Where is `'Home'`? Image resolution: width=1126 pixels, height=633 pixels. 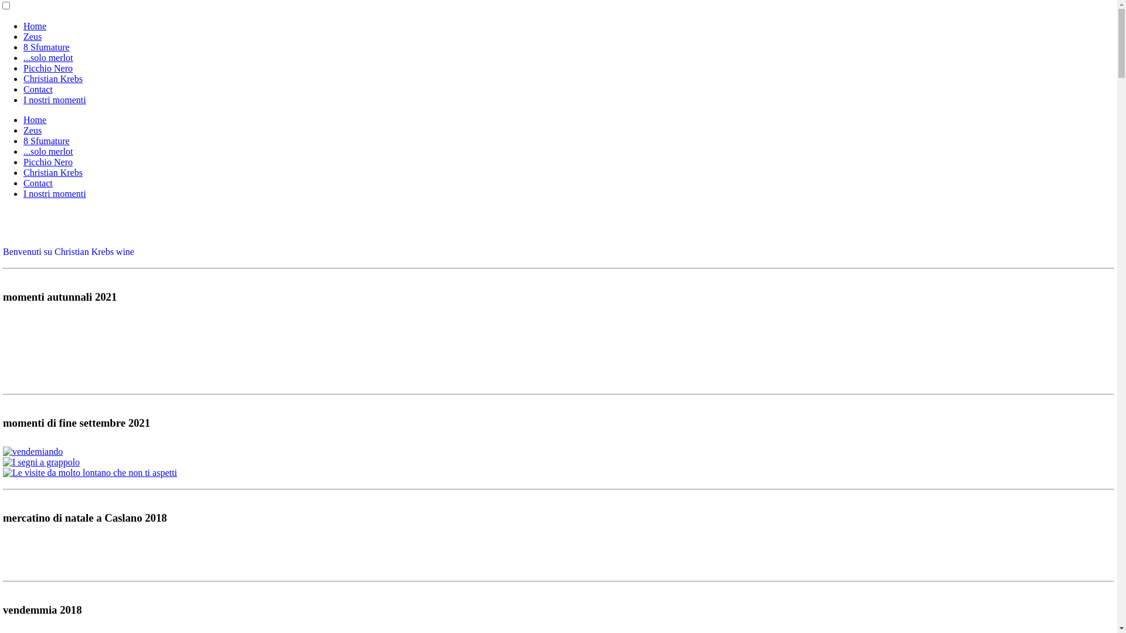 'Home' is located at coordinates (35, 120).